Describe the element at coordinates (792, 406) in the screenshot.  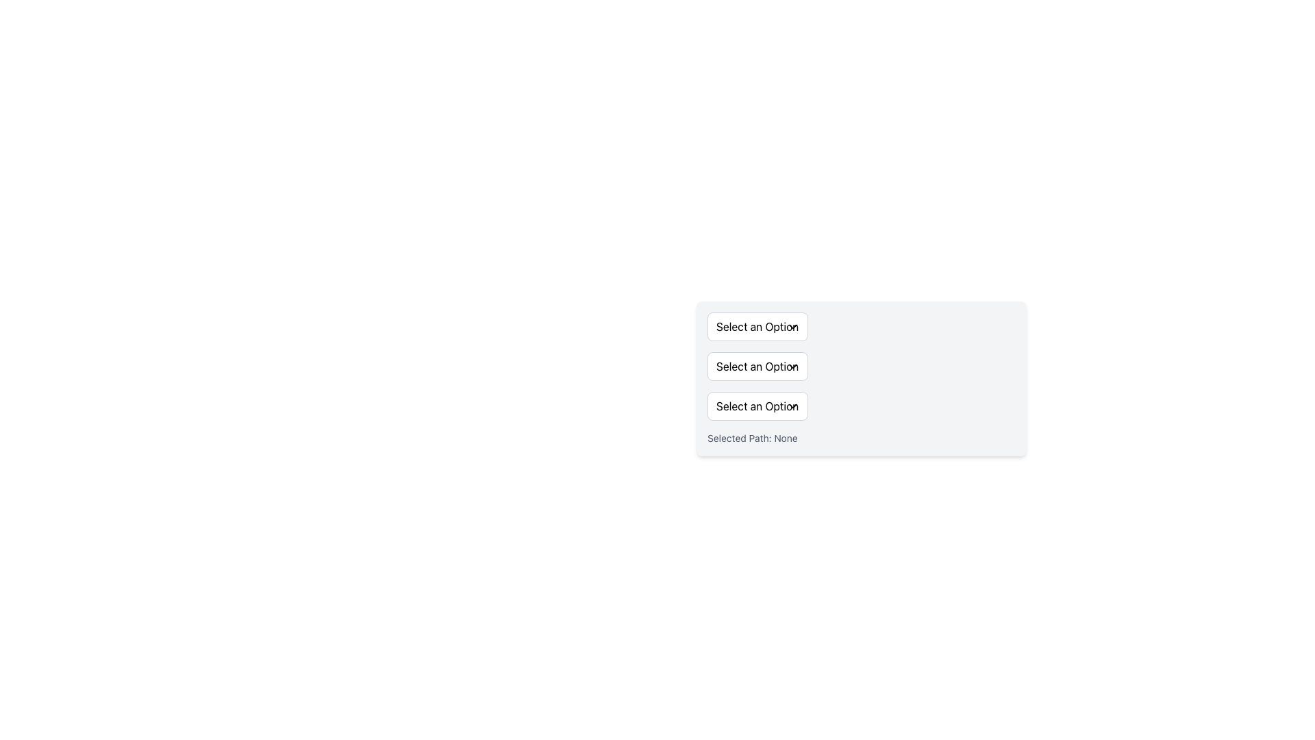
I see `the downward-pointing chevron SVG icon used as a dropdown indicator, which is positioned on the right side of the 'Select an Option' dropdown element` at that location.